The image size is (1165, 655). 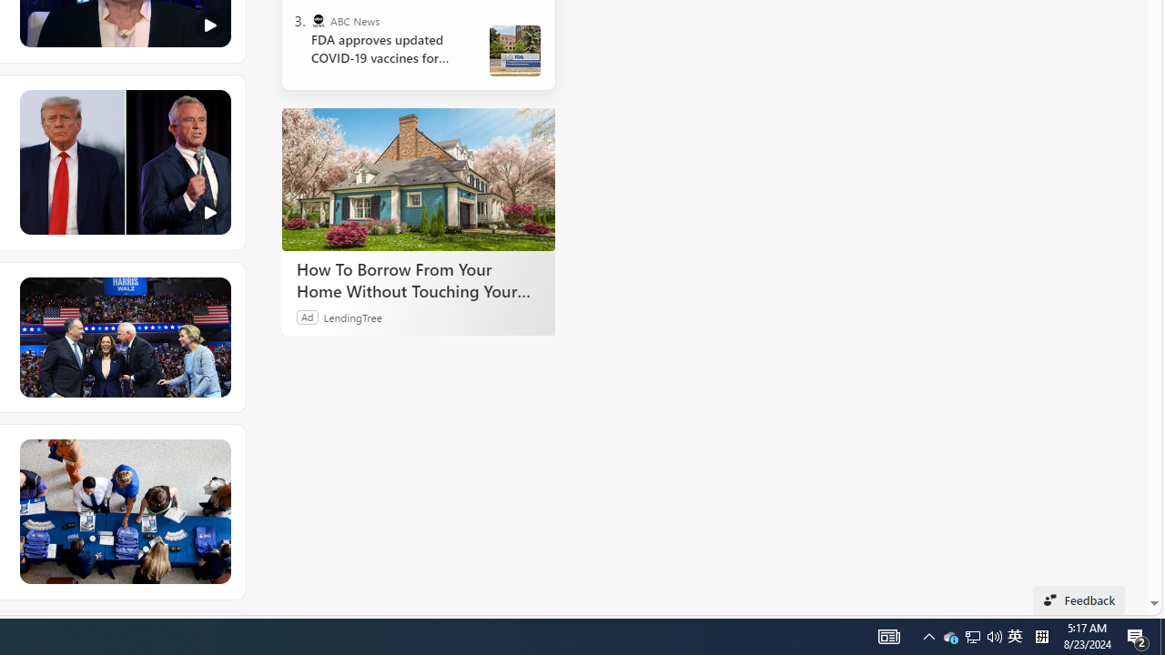 I want to click on 'LendingTree', so click(x=352, y=316).